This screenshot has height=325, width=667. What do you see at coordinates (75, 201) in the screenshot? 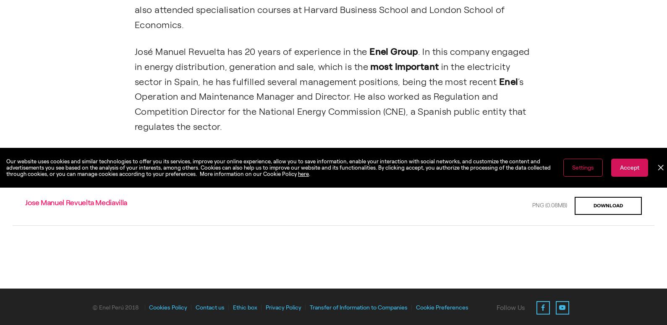
I see `'Jose Manuel Revuelta Mediavilla'` at bounding box center [75, 201].